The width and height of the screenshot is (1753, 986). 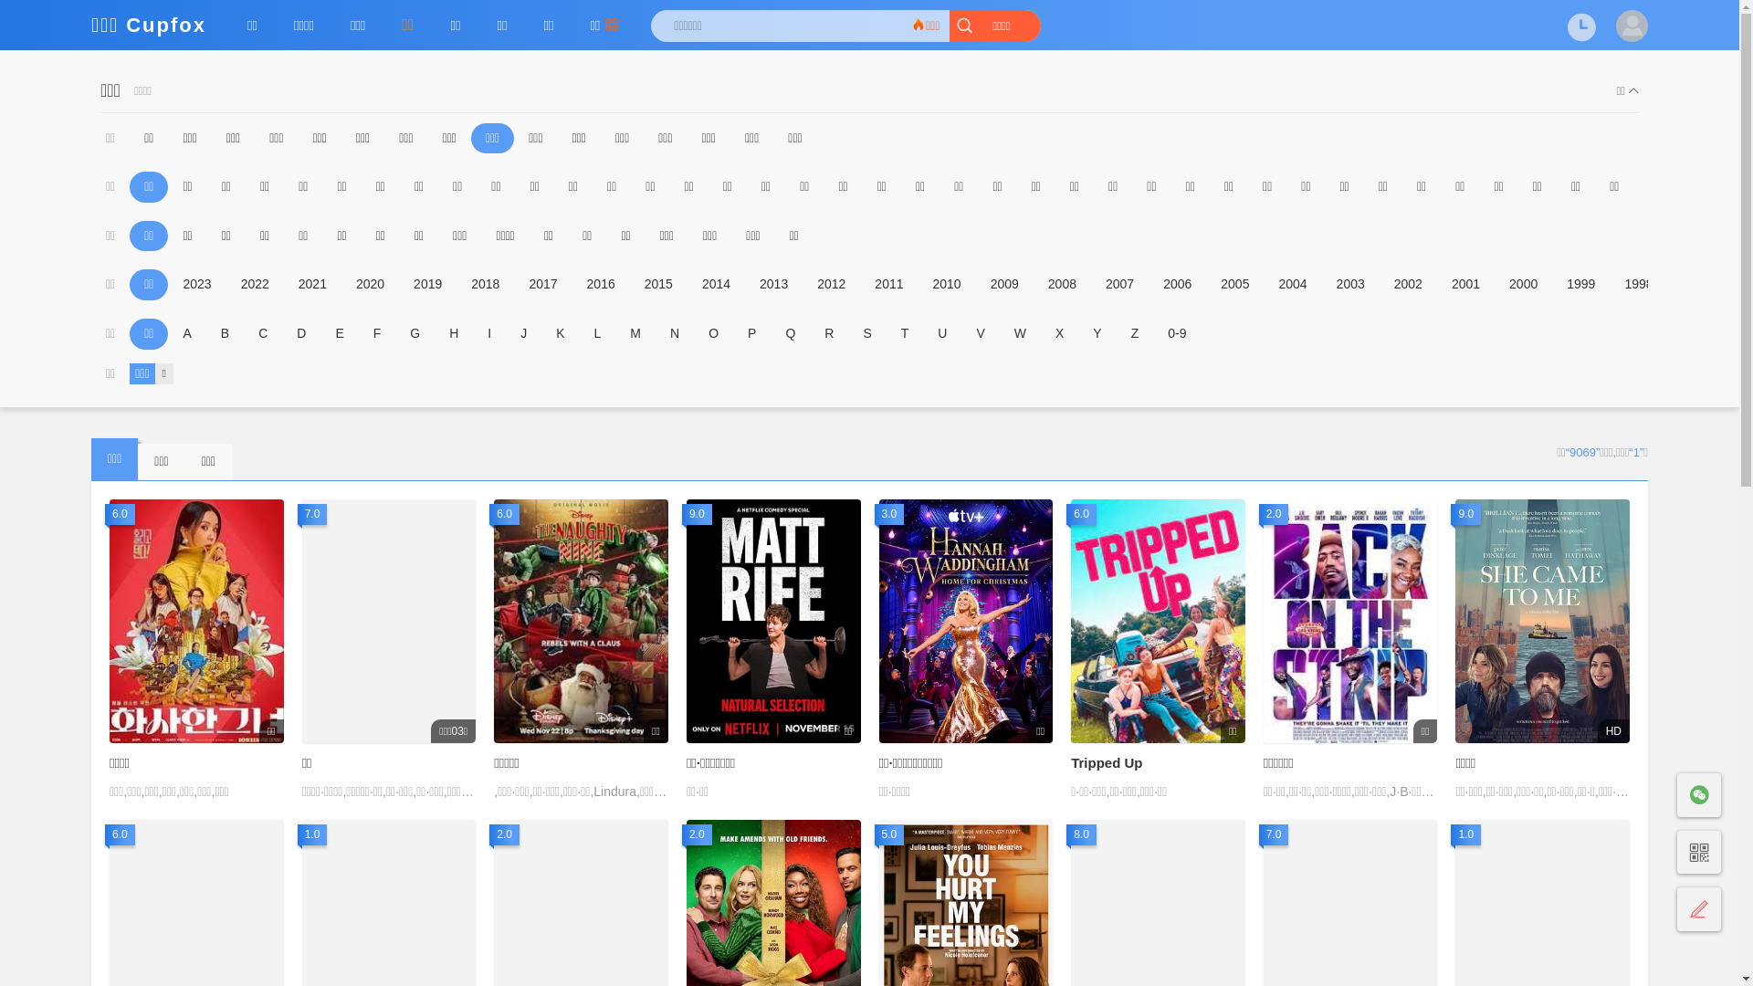 I want to click on 'B', so click(x=224, y=334).